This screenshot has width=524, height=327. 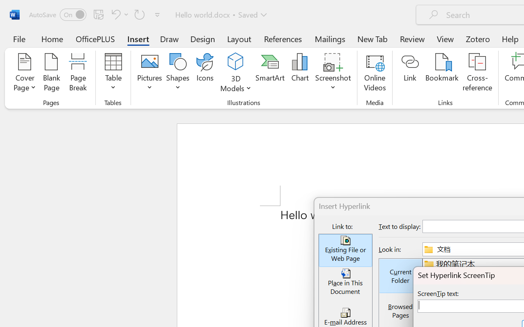 I want to click on 'Save', so click(x=98, y=14).